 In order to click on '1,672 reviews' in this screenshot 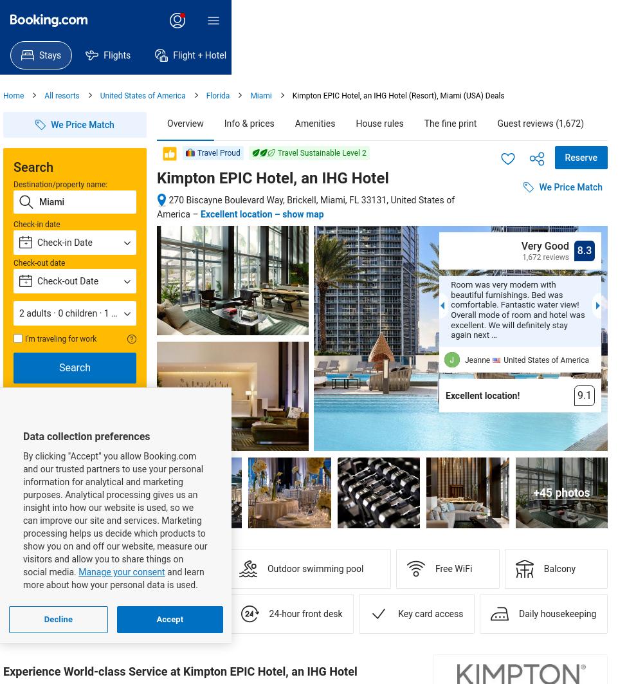, I will do `click(545, 257)`.